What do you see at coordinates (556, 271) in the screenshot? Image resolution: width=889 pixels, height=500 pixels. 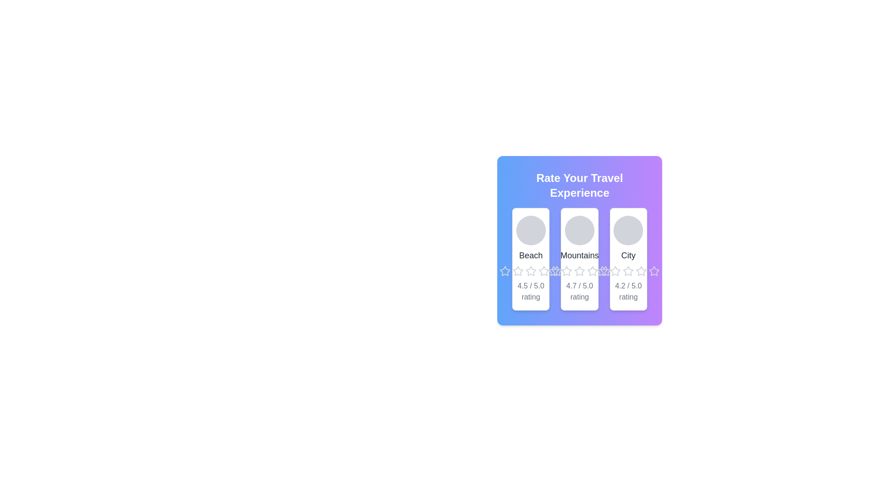 I see `the last star rating icon for the 'Mountains' card` at bounding box center [556, 271].